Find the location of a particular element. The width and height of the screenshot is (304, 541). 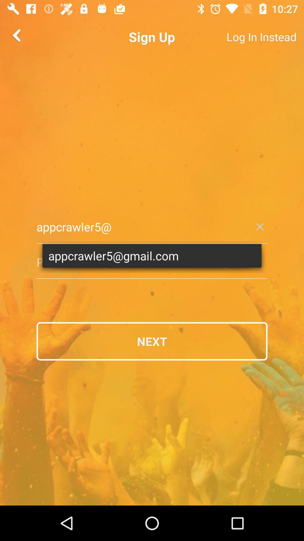

the arrow_backward icon is located at coordinates (17, 35).